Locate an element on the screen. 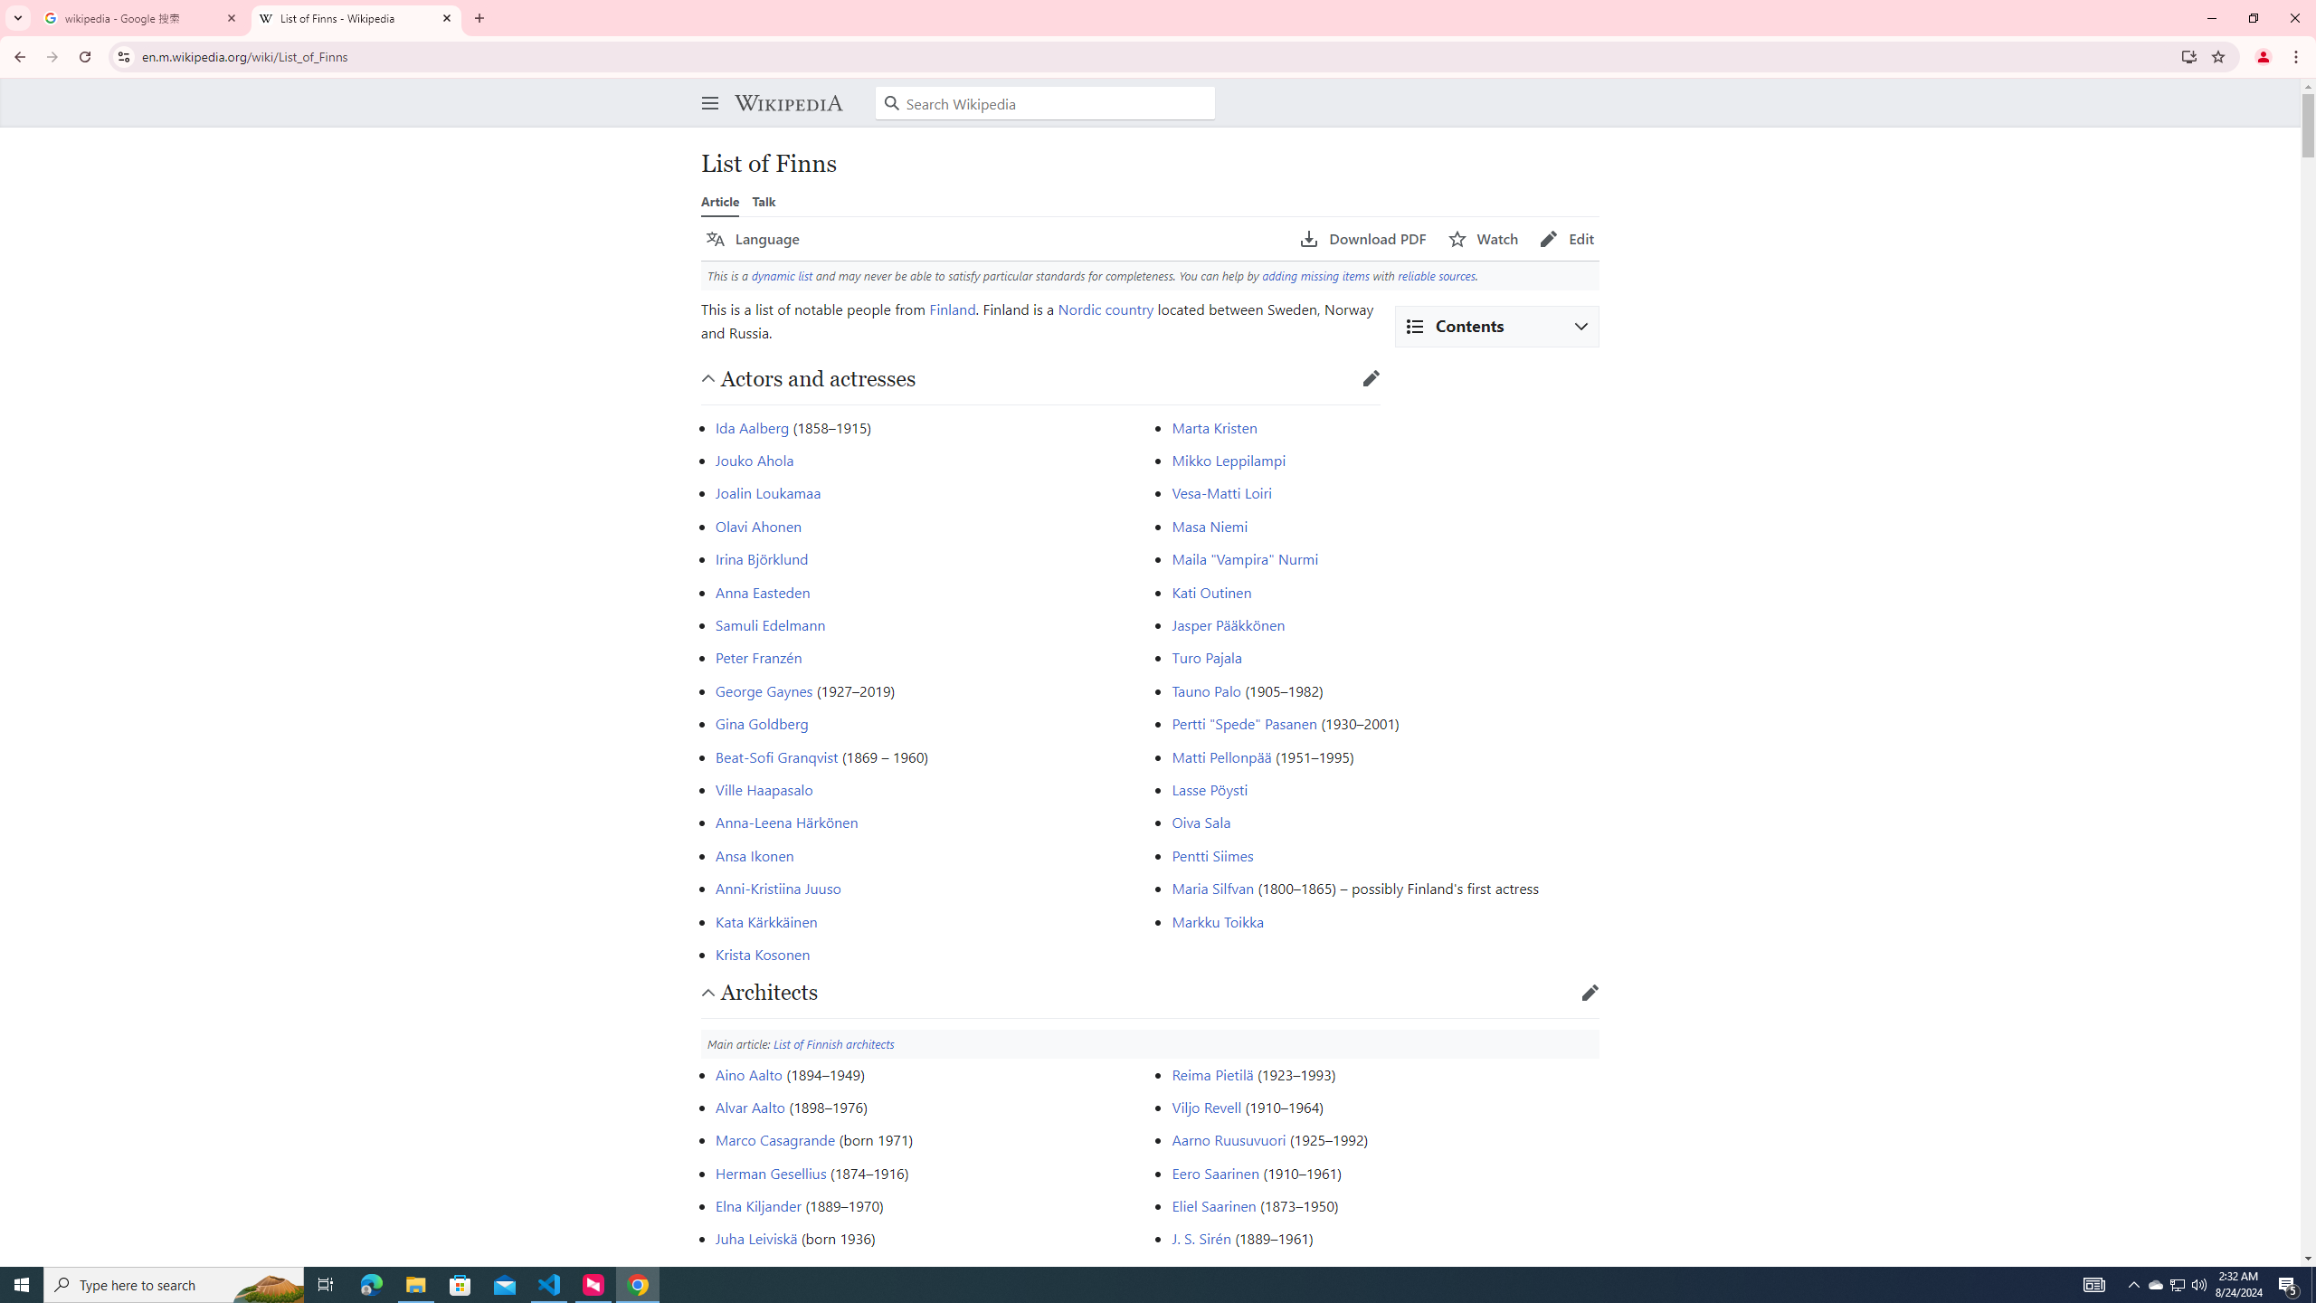 The height and width of the screenshot is (1303, 2316). 'Watch' is located at coordinates (1482, 239).